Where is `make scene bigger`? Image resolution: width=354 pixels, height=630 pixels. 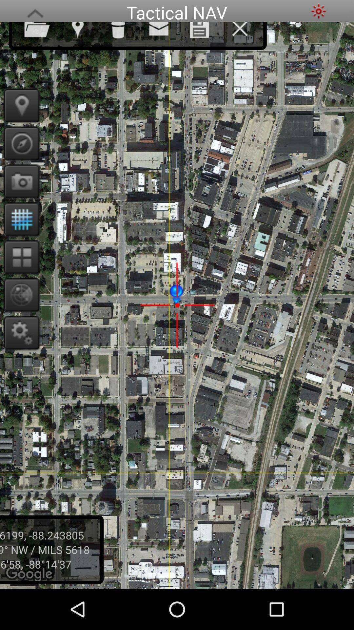 make scene bigger is located at coordinates (35, 11).